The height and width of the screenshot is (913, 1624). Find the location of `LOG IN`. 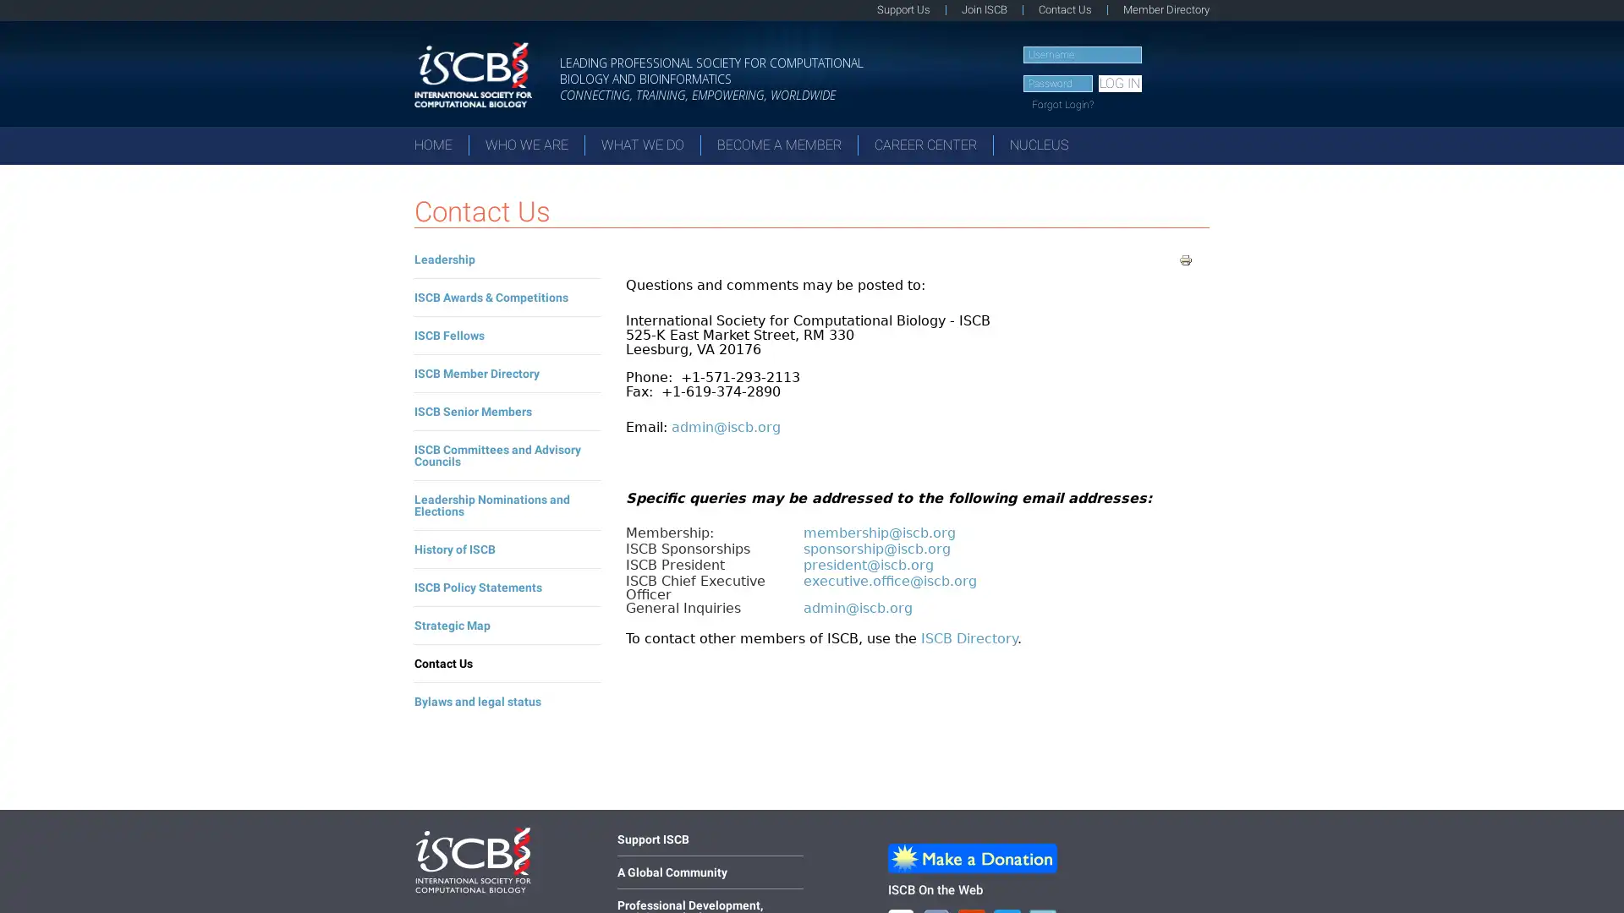

LOG IN is located at coordinates (1119, 84).